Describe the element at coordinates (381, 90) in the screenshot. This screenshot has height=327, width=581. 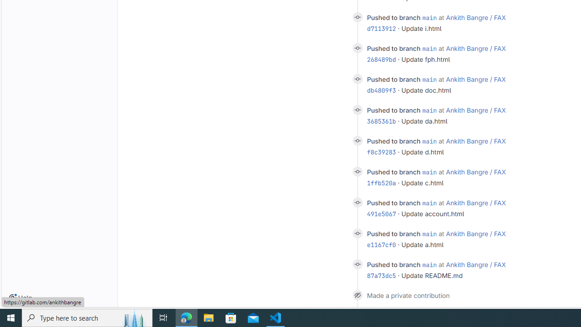
I see `'db4809f3'` at that location.